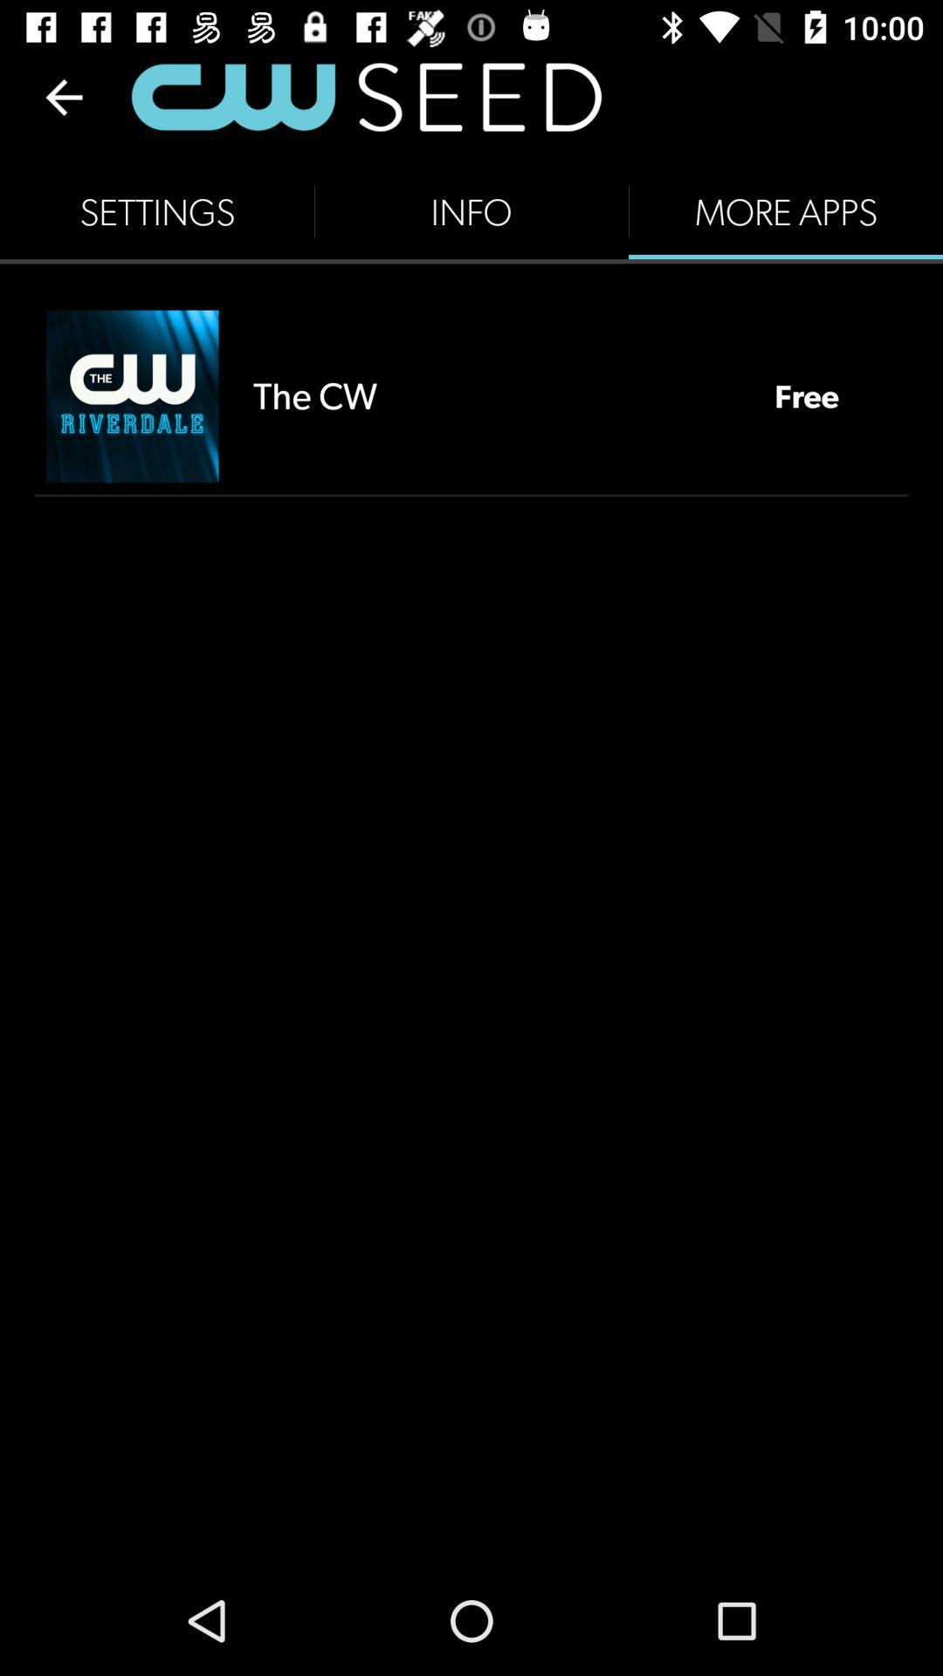 The width and height of the screenshot is (943, 1676). What do you see at coordinates (784, 211) in the screenshot?
I see `more apps item` at bounding box center [784, 211].